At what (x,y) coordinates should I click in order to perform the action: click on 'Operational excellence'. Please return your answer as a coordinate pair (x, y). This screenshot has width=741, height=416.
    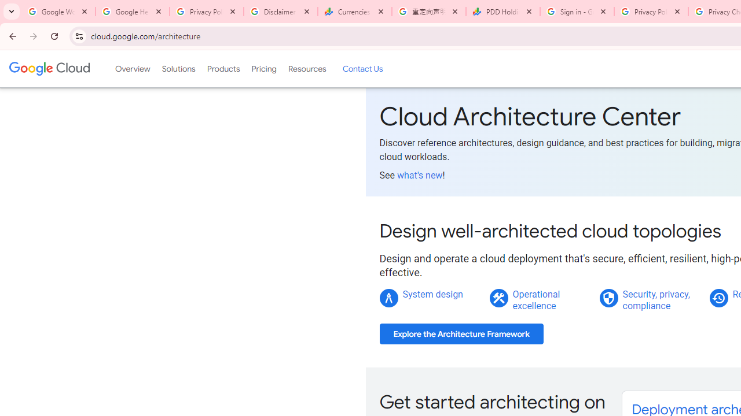
    Looking at the image, I should click on (535, 299).